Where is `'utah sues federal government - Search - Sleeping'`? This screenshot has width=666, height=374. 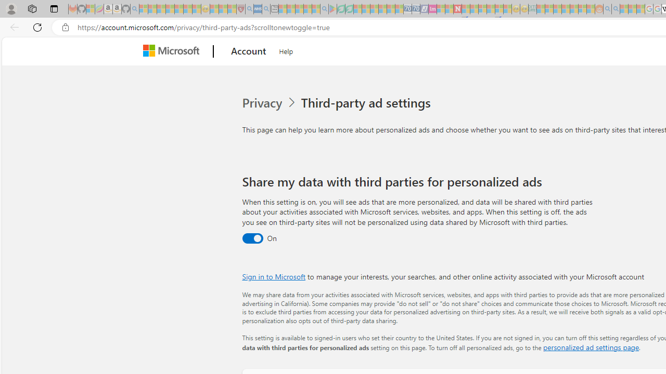 'utah sues federal government - Search - Sleeping' is located at coordinates (266, 9).